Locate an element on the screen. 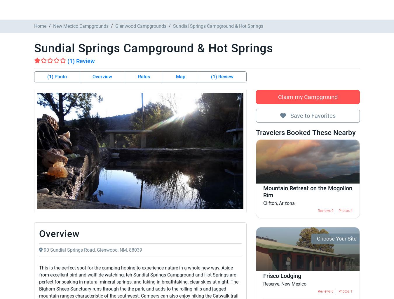 This screenshot has height=299, width=394. 'From' is located at coordinates (156, 210).